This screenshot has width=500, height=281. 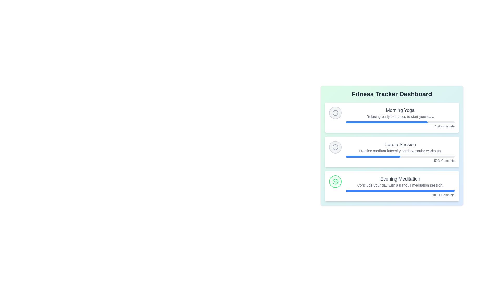 What do you see at coordinates (335, 113) in the screenshot?
I see `the circular icon with a border styled in the current color, located at the top of the left column of icons in the dashboard, which corresponds to activity sections such as Morning Yoga` at bounding box center [335, 113].